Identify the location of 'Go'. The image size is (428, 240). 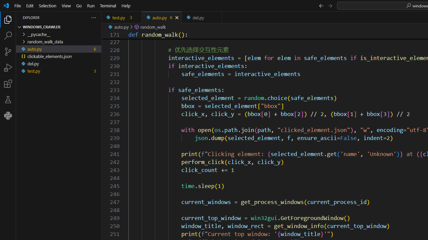
(79, 5).